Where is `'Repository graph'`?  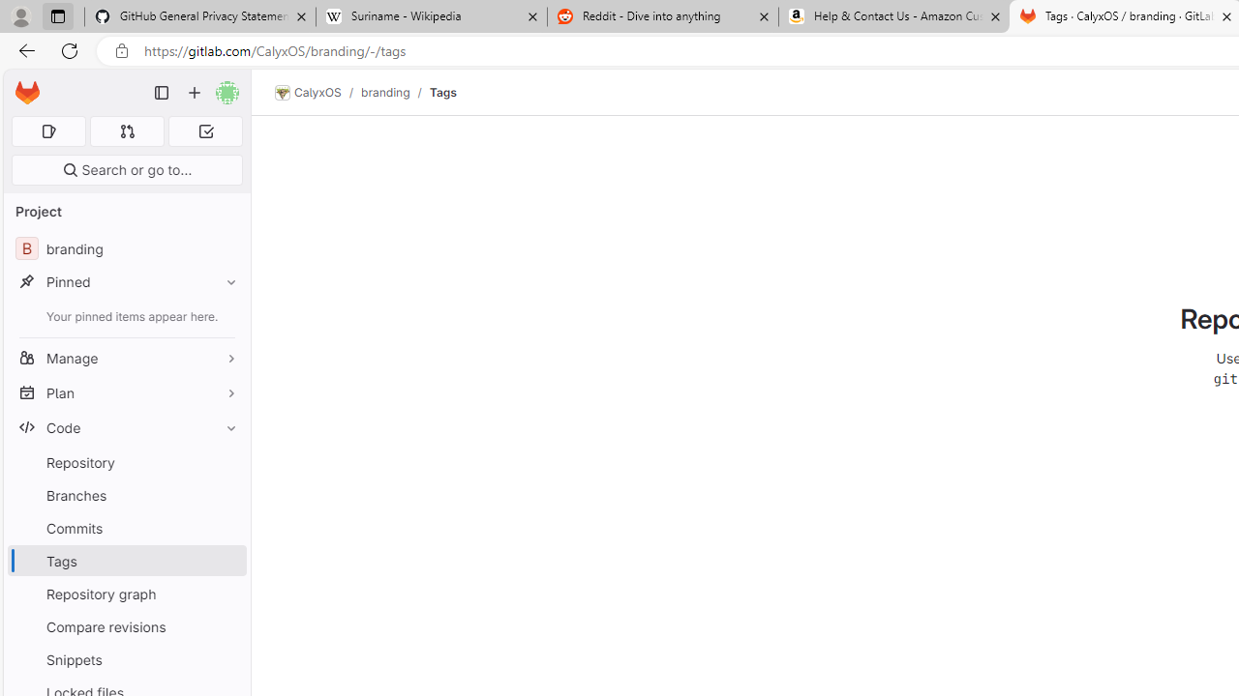 'Repository graph' is located at coordinates (126, 593).